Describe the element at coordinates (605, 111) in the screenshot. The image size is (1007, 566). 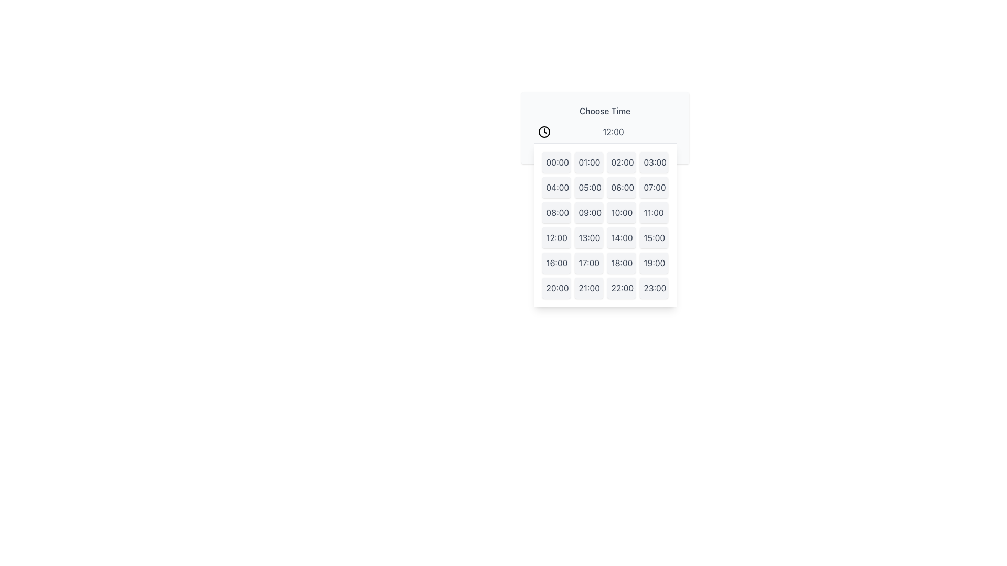
I see `the label that provides context for the time selection interface, positioned above the clock icon and displayed time` at that location.